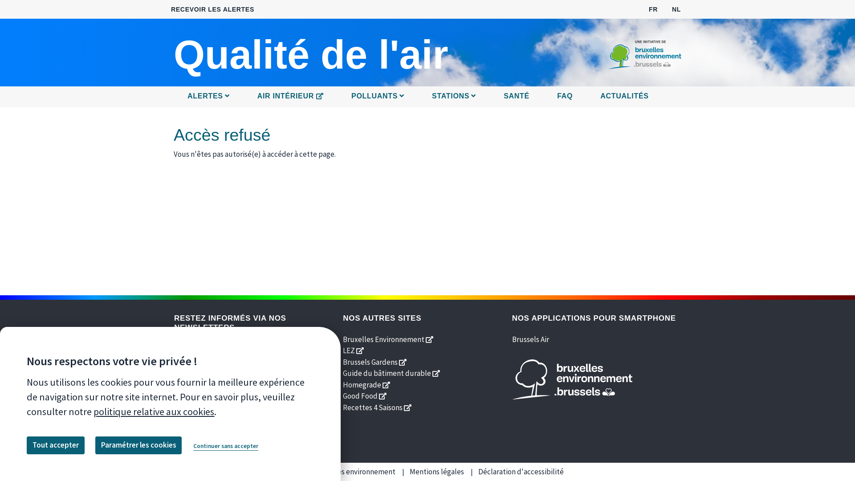 The height and width of the screenshot is (481, 855). What do you see at coordinates (212, 9) in the screenshot?
I see `'RECEVOIR LES ALERTES'` at bounding box center [212, 9].